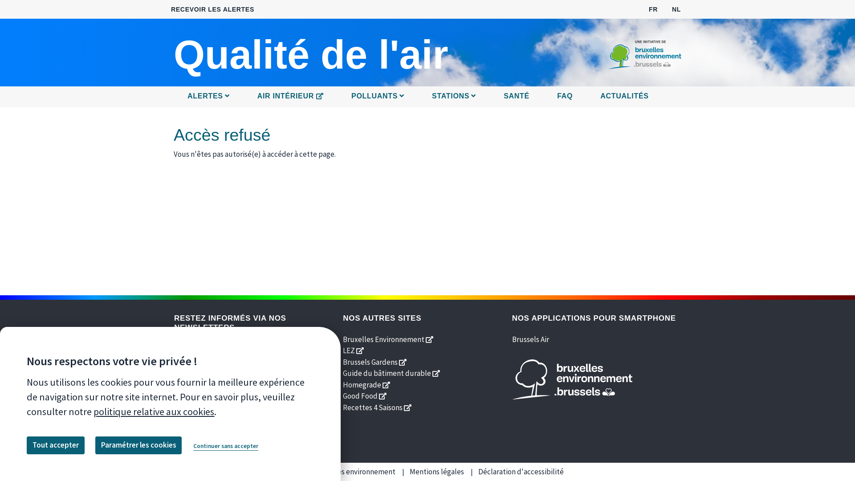 The height and width of the screenshot is (481, 855). What do you see at coordinates (212, 9) in the screenshot?
I see `'RECEVOIR LES ALERTES'` at bounding box center [212, 9].